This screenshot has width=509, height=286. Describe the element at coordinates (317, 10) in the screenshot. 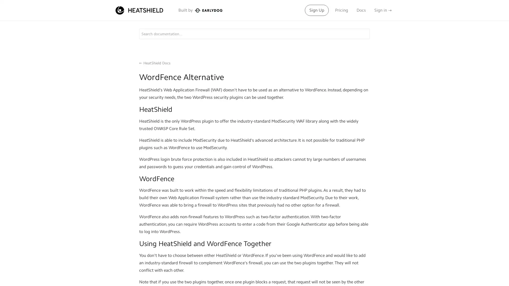

I see `Sign Up` at that location.